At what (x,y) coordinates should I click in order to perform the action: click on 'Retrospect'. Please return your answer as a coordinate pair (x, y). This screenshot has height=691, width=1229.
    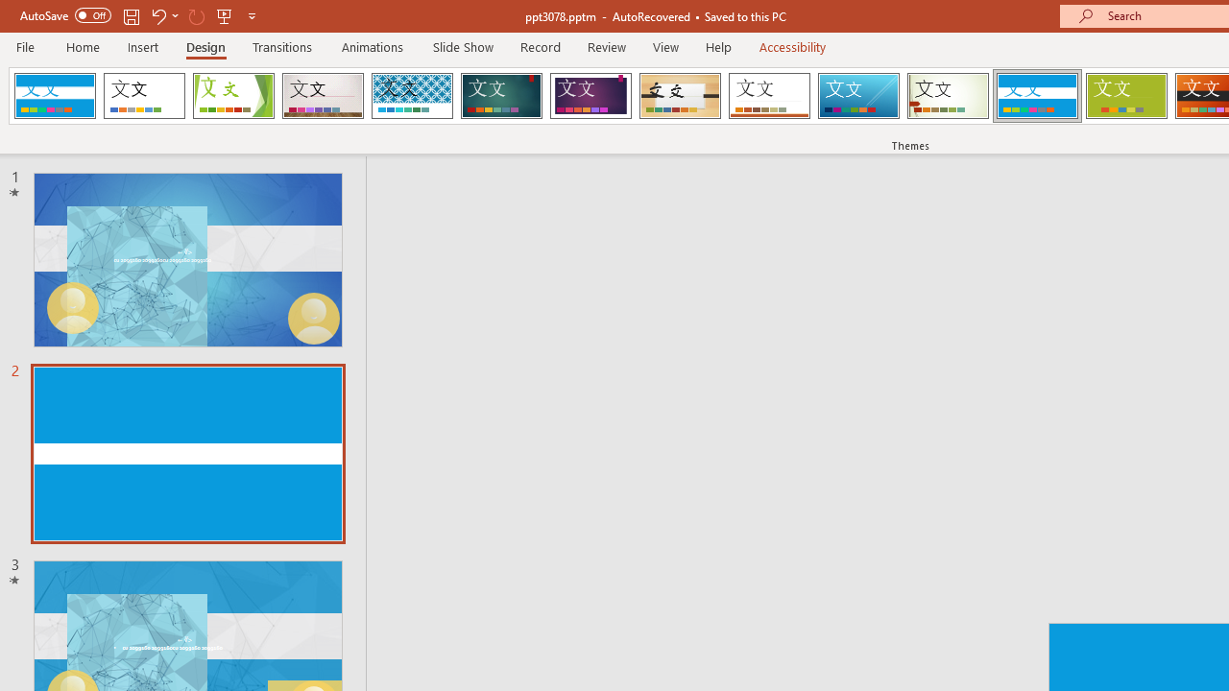
    Looking at the image, I should click on (769, 96).